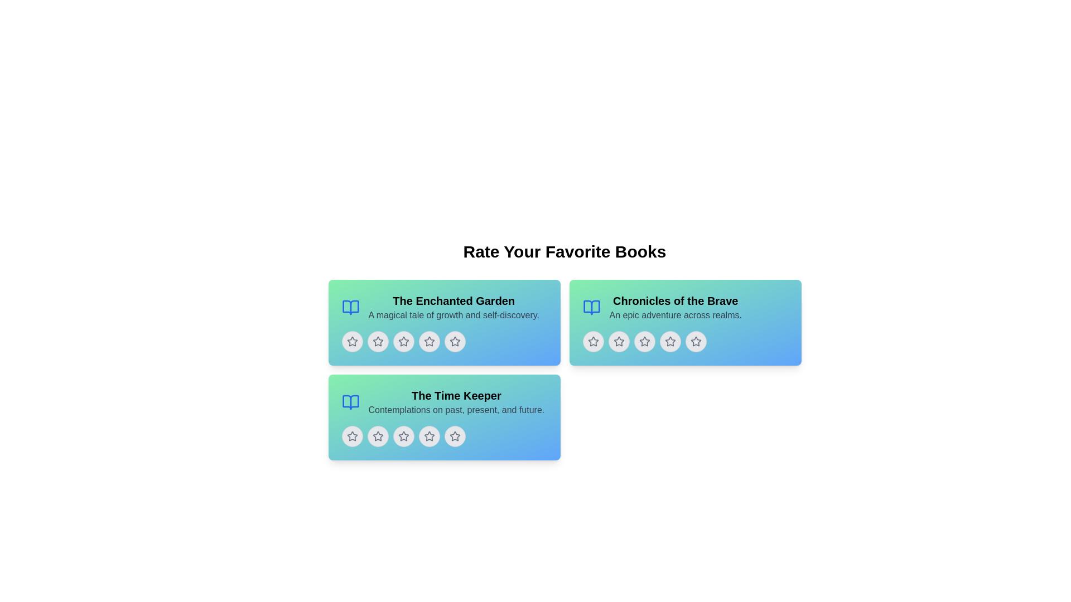  What do you see at coordinates (351, 341) in the screenshot?
I see `the second star-shaped rating icon in the 'The Enchanted Garden' book card` at bounding box center [351, 341].